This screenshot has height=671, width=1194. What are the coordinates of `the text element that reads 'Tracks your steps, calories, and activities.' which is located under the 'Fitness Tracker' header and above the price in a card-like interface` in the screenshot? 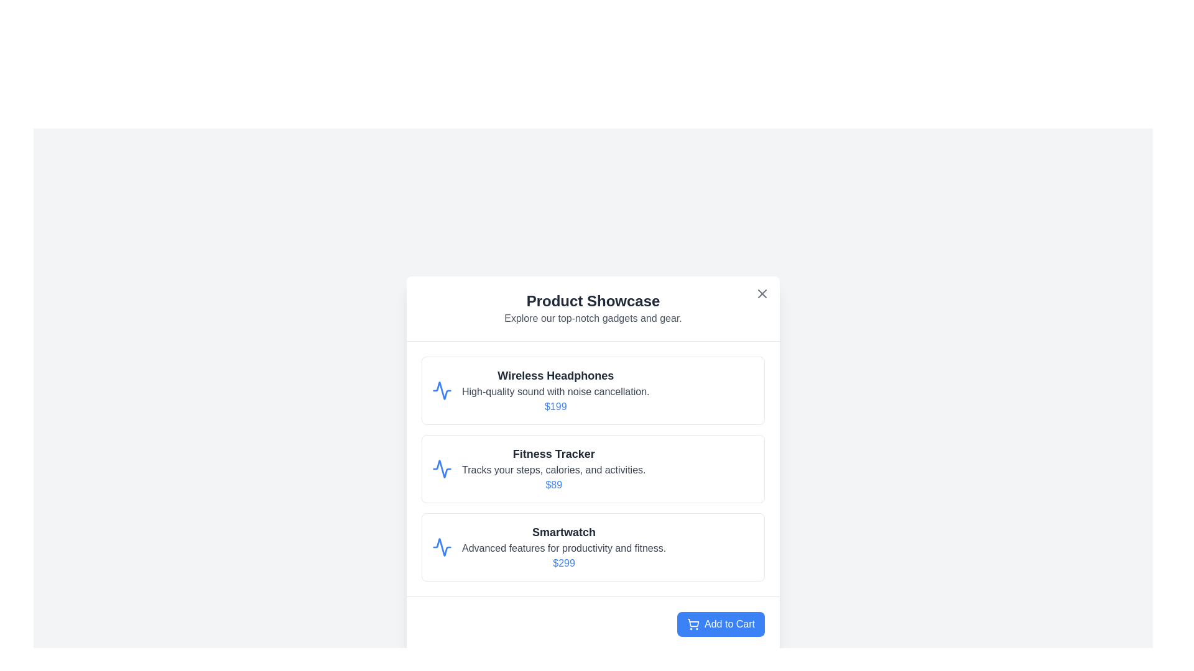 It's located at (553, 470).